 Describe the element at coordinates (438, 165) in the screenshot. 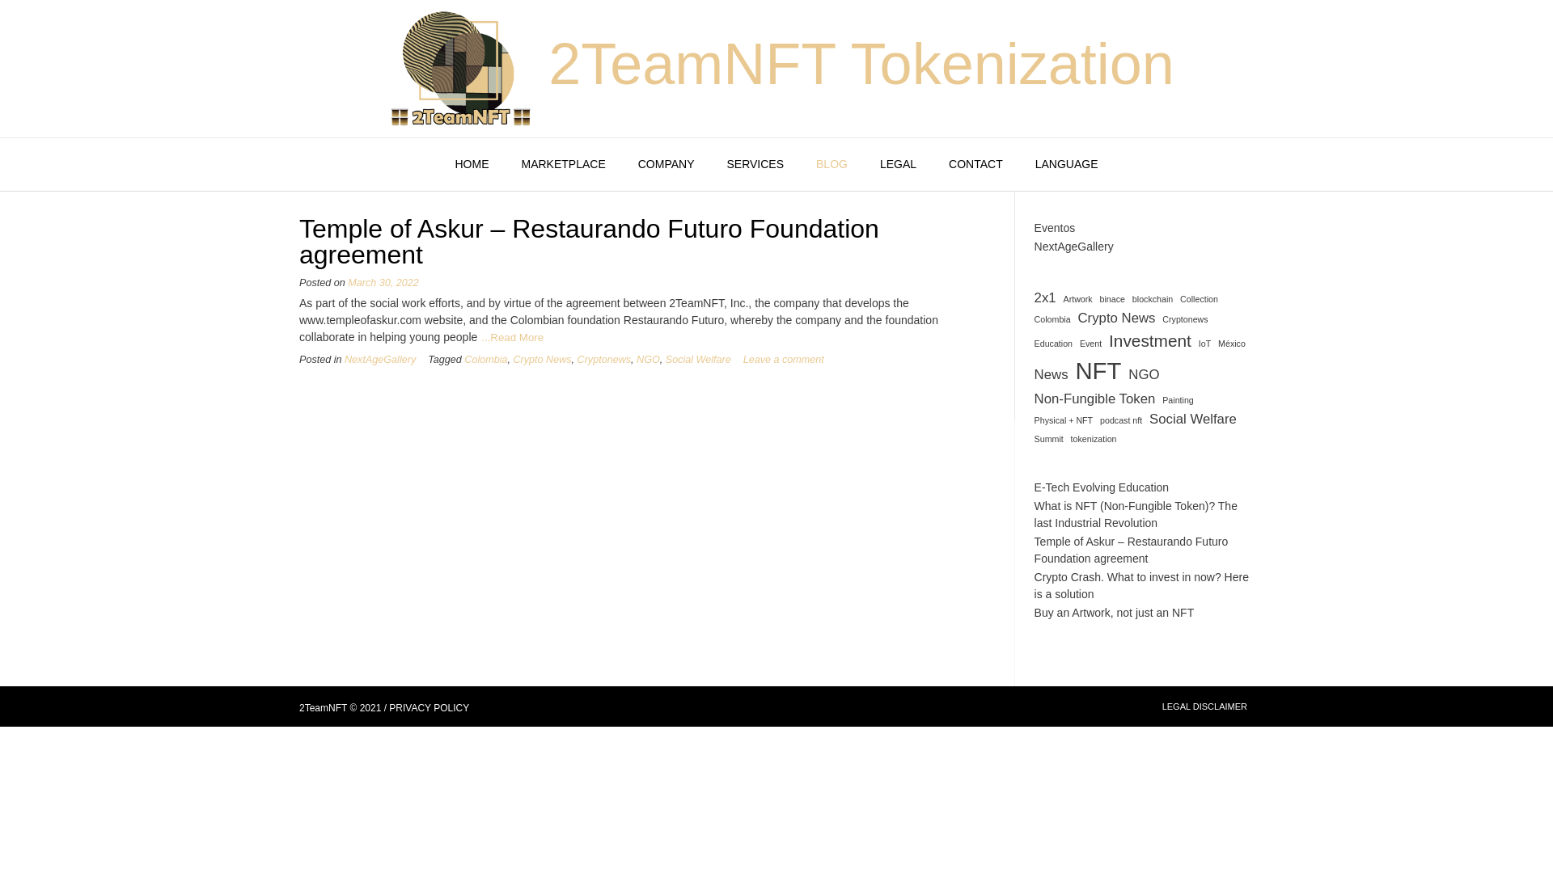

I see `'HOME'` at that location.